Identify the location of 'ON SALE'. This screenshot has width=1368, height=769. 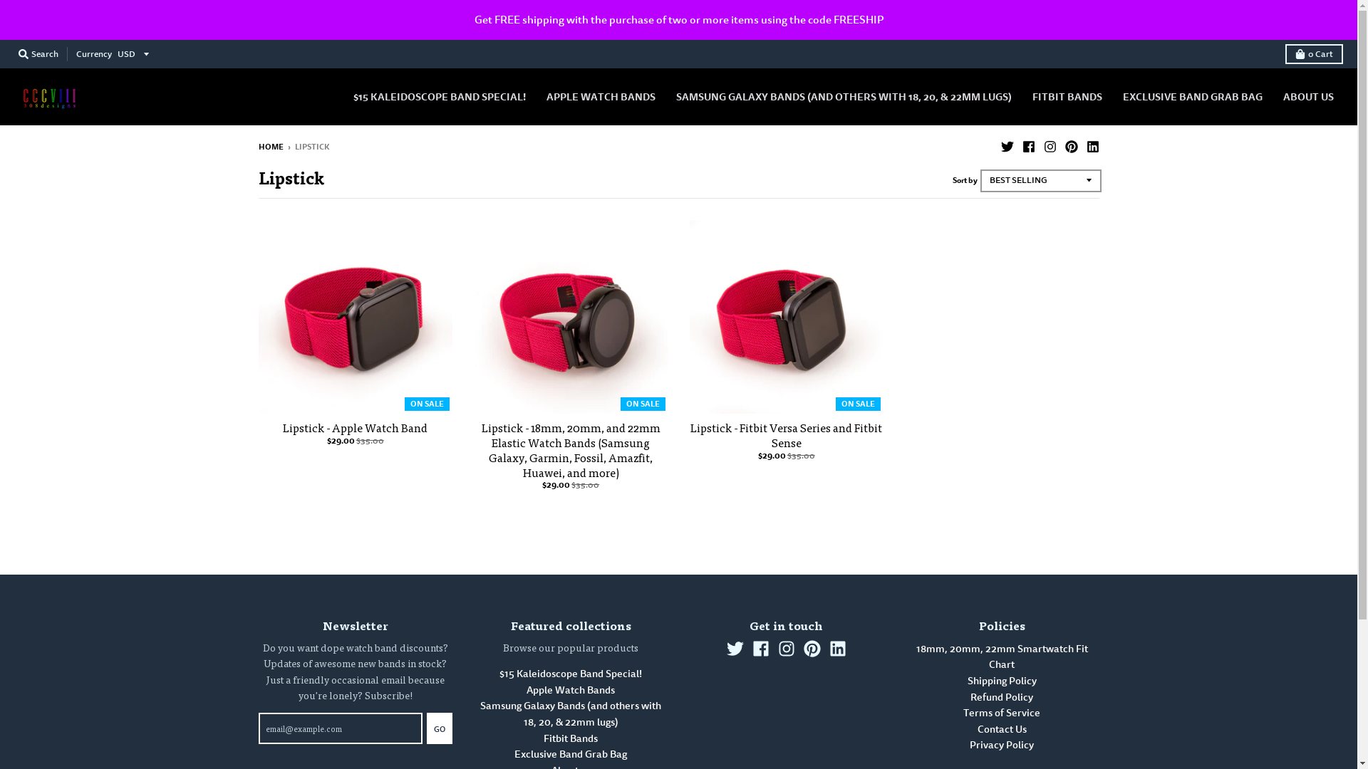
(571, 316).